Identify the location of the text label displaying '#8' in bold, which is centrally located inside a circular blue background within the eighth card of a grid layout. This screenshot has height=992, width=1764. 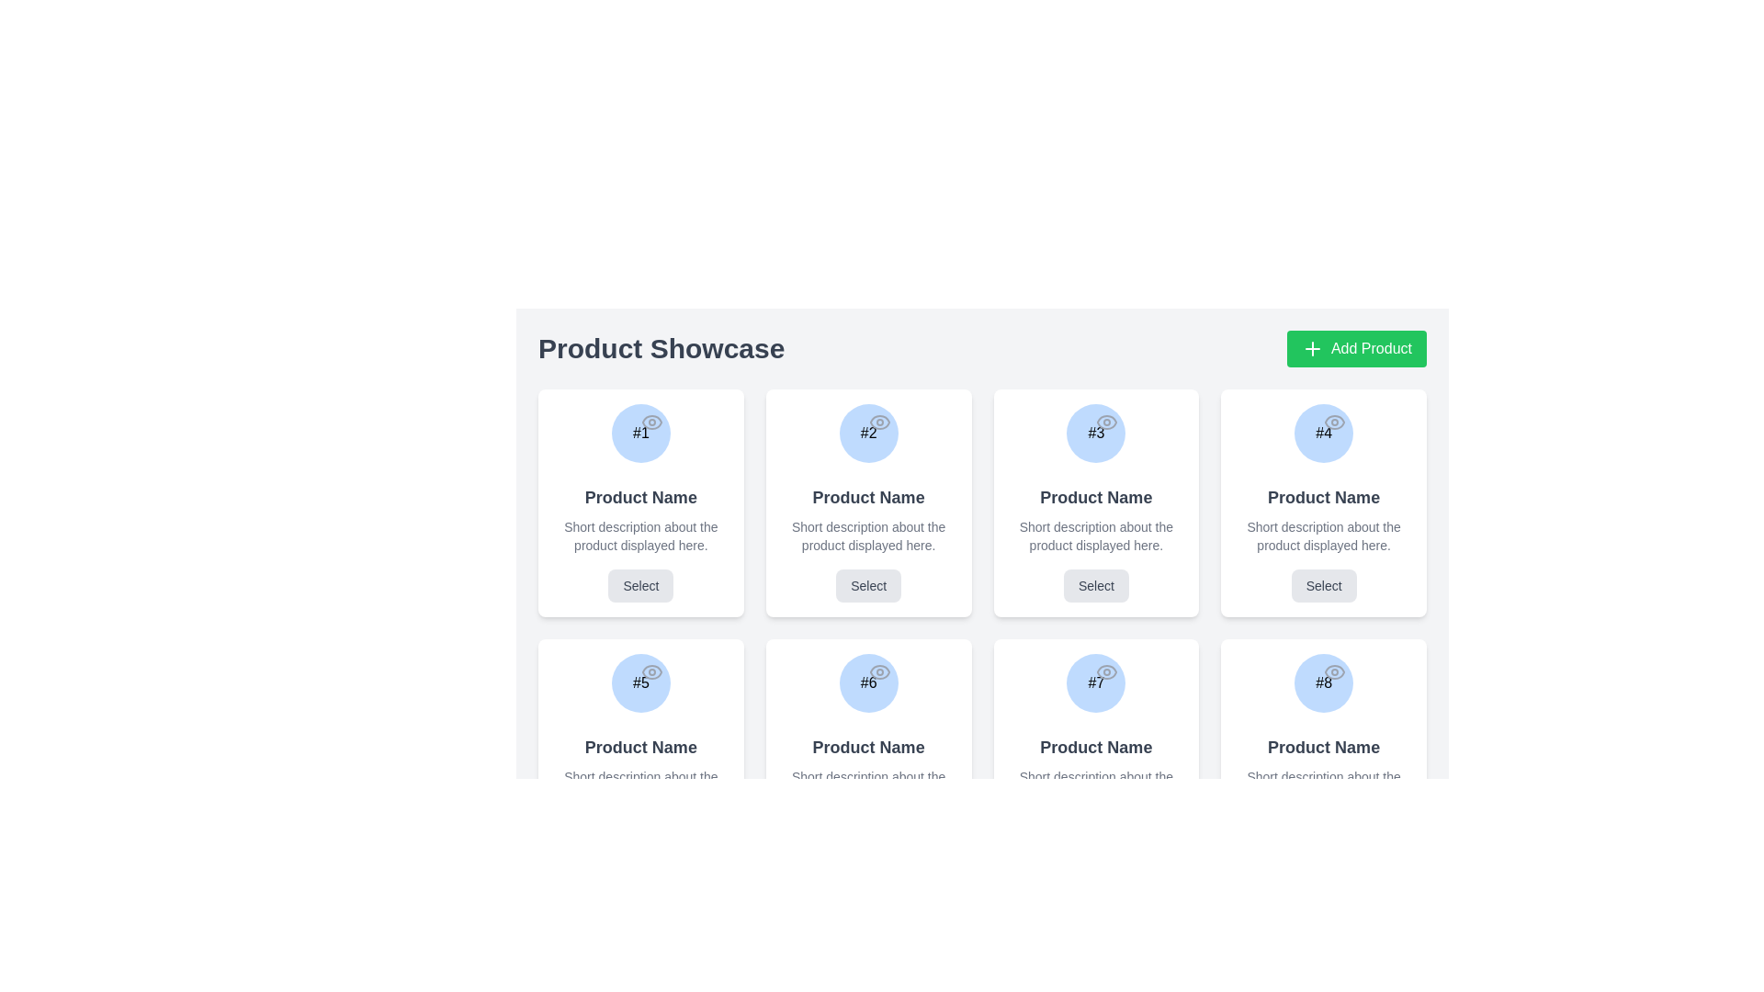
(1324, 683).